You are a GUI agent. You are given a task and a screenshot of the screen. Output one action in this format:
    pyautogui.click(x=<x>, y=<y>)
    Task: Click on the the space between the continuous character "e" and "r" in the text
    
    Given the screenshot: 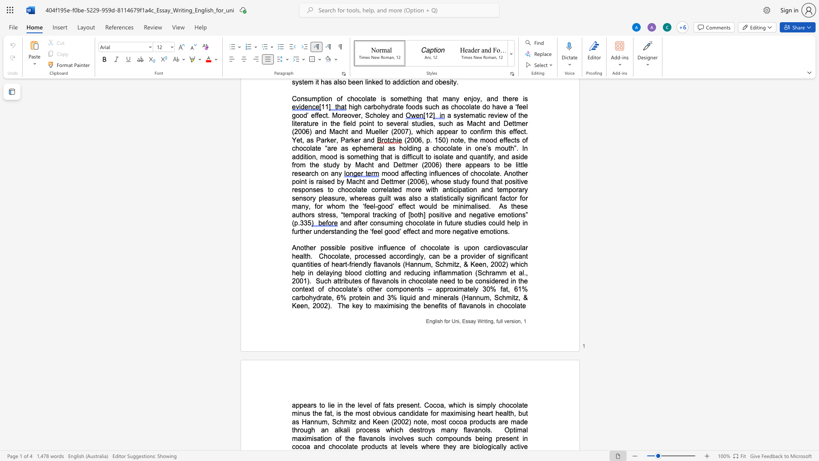 What is the action you would take?
    pyautogui.click(x=433, y=446)
    